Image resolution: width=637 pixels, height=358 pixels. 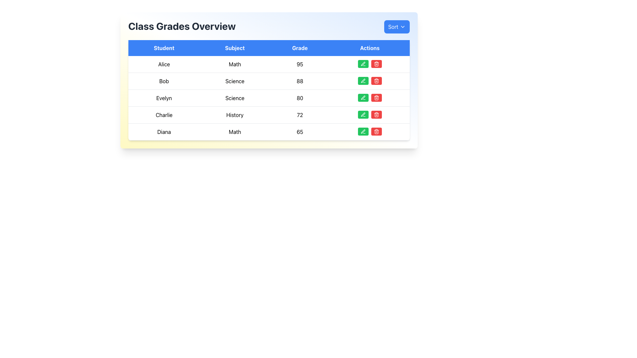 What do you see at coordinates (235, 115) in the screenshot?
I see `the static text field labeled 'History' in the fourth row of the table, specifically in the 'Subject' column, which is adjacent to 'Charlie' in the 'Student' column` at bounding box center [235, 115].